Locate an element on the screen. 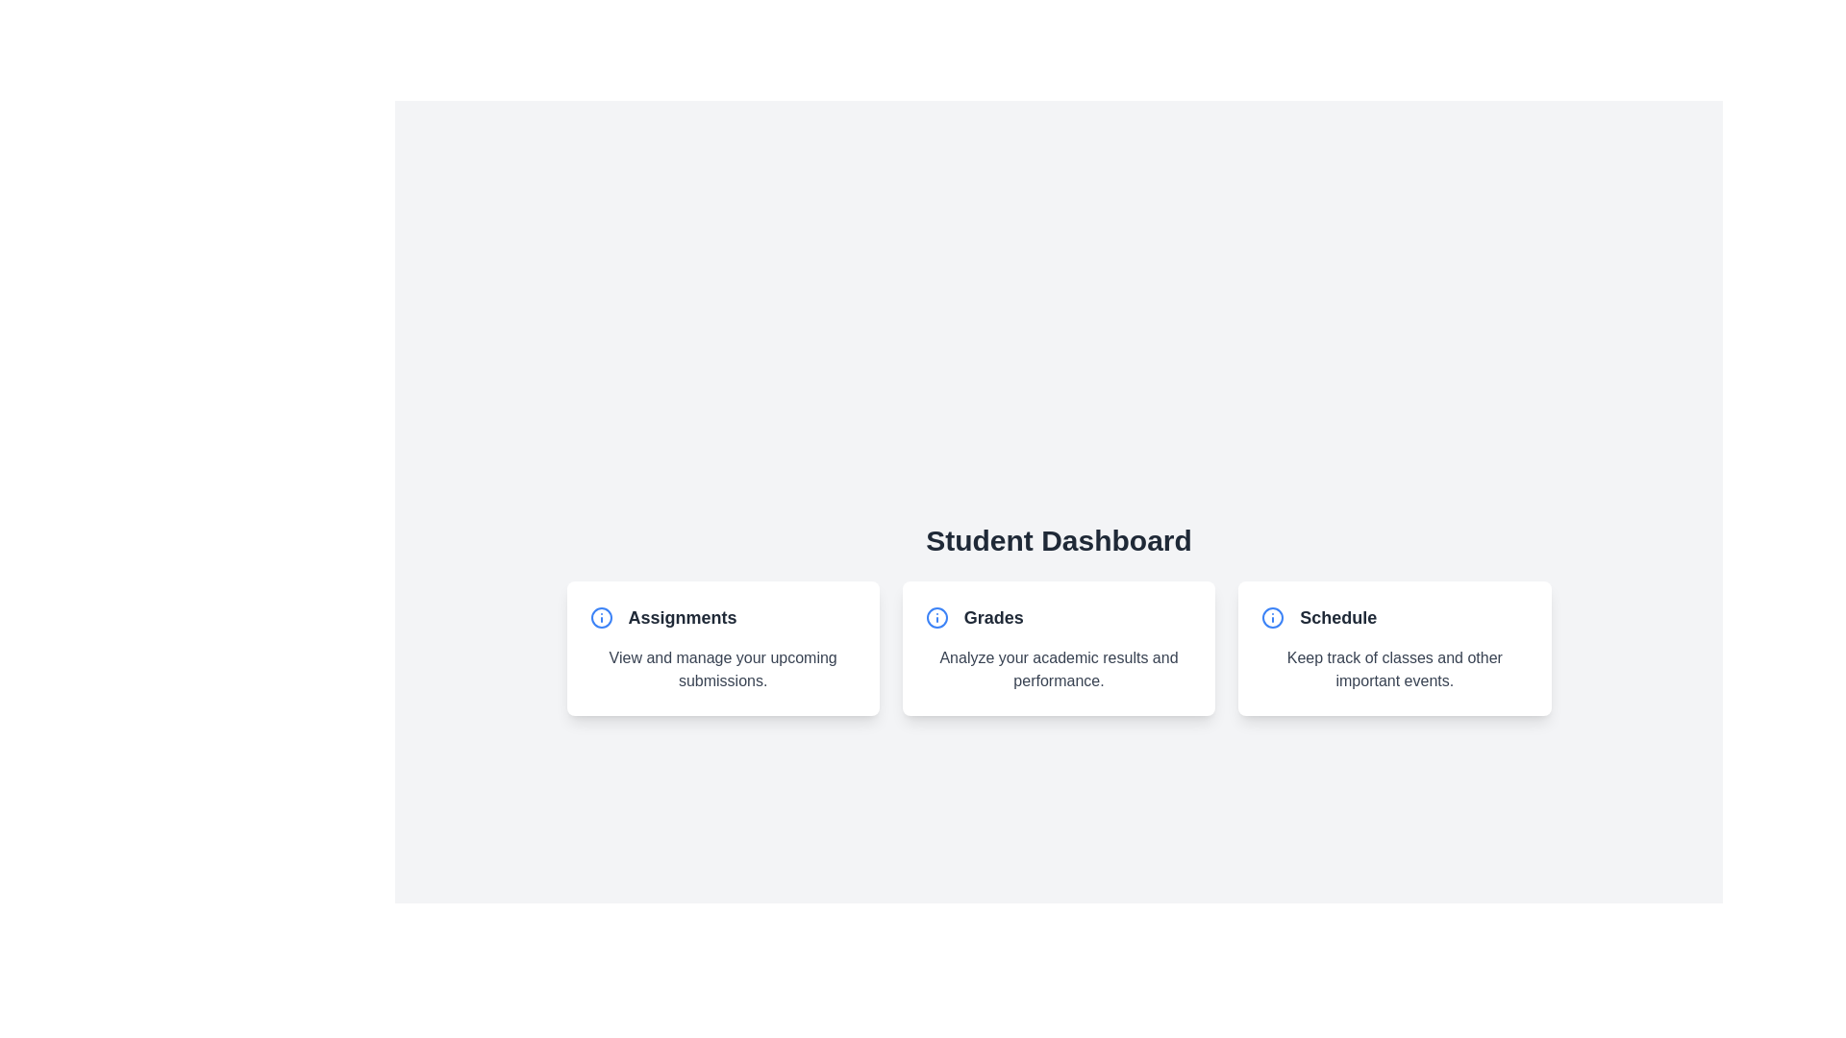 This screenshot has height=1038, width=1846. the text label element that serves as the header for the 'Assignments' section located is located at coordinates (683, 618).